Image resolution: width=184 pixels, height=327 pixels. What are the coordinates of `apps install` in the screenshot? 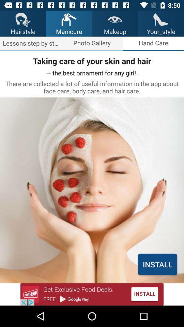 It's located at (92, 294).